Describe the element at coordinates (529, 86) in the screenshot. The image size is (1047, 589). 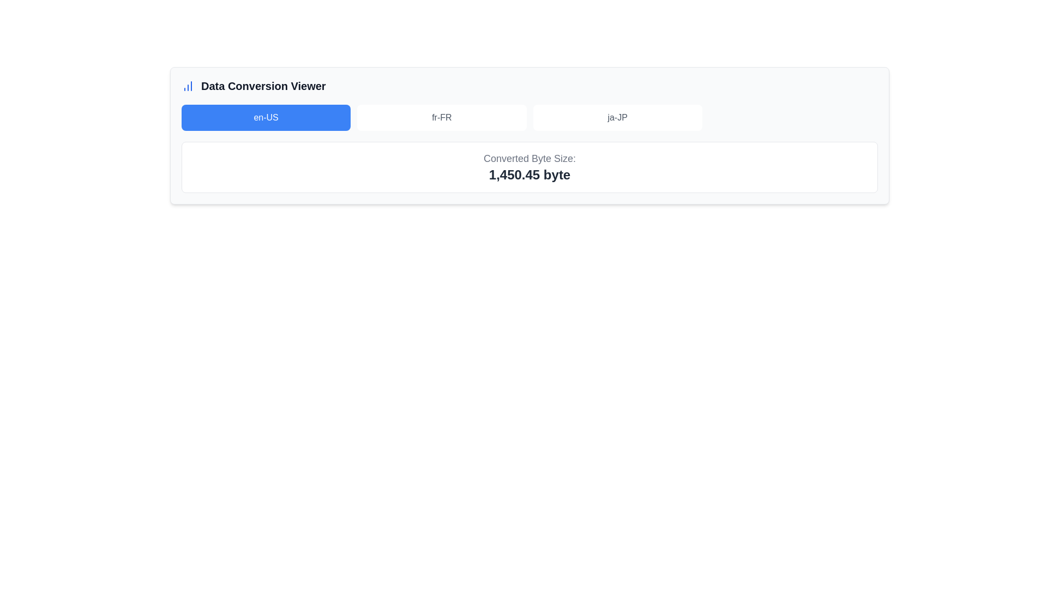
I see `text of the Text Header with Icon, which serves as a title for the data conversion UI panel, located at the top of the panel` at that location.